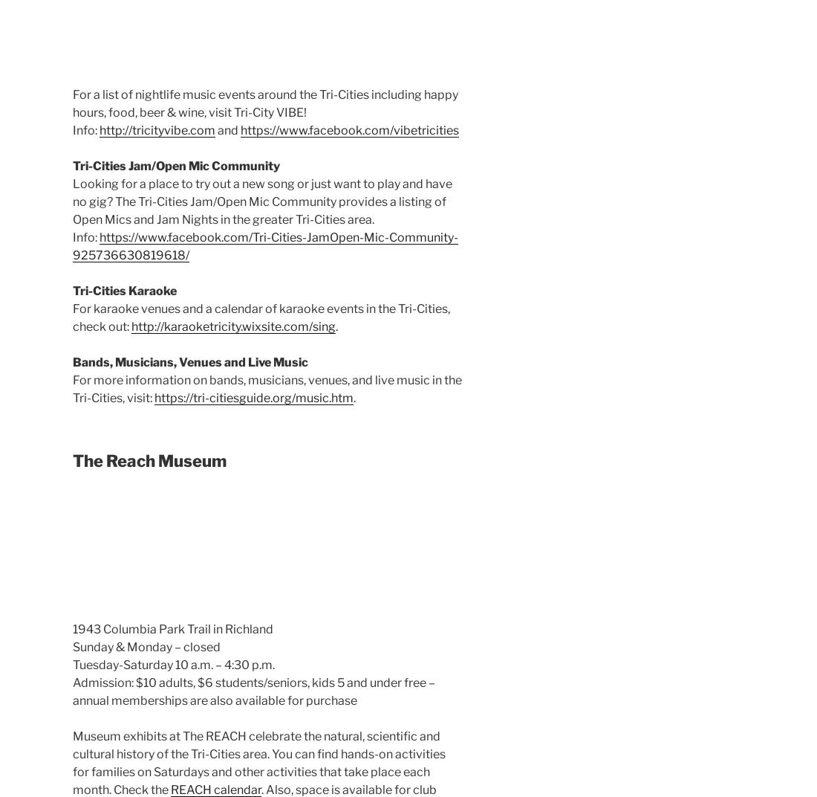 The image size is (817, 797). I want to click on 'Bands, Musicians, Venues and Live Music', so click(190, 361).